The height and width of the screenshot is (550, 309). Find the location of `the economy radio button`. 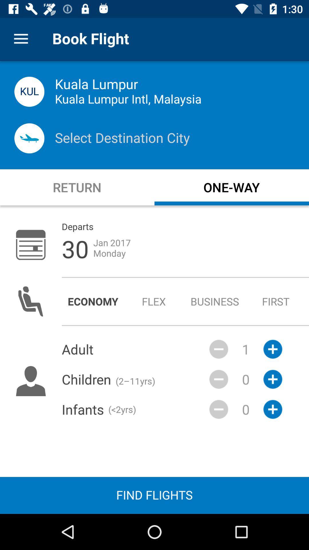

the economy radio button is located at coordinates (93, 301).